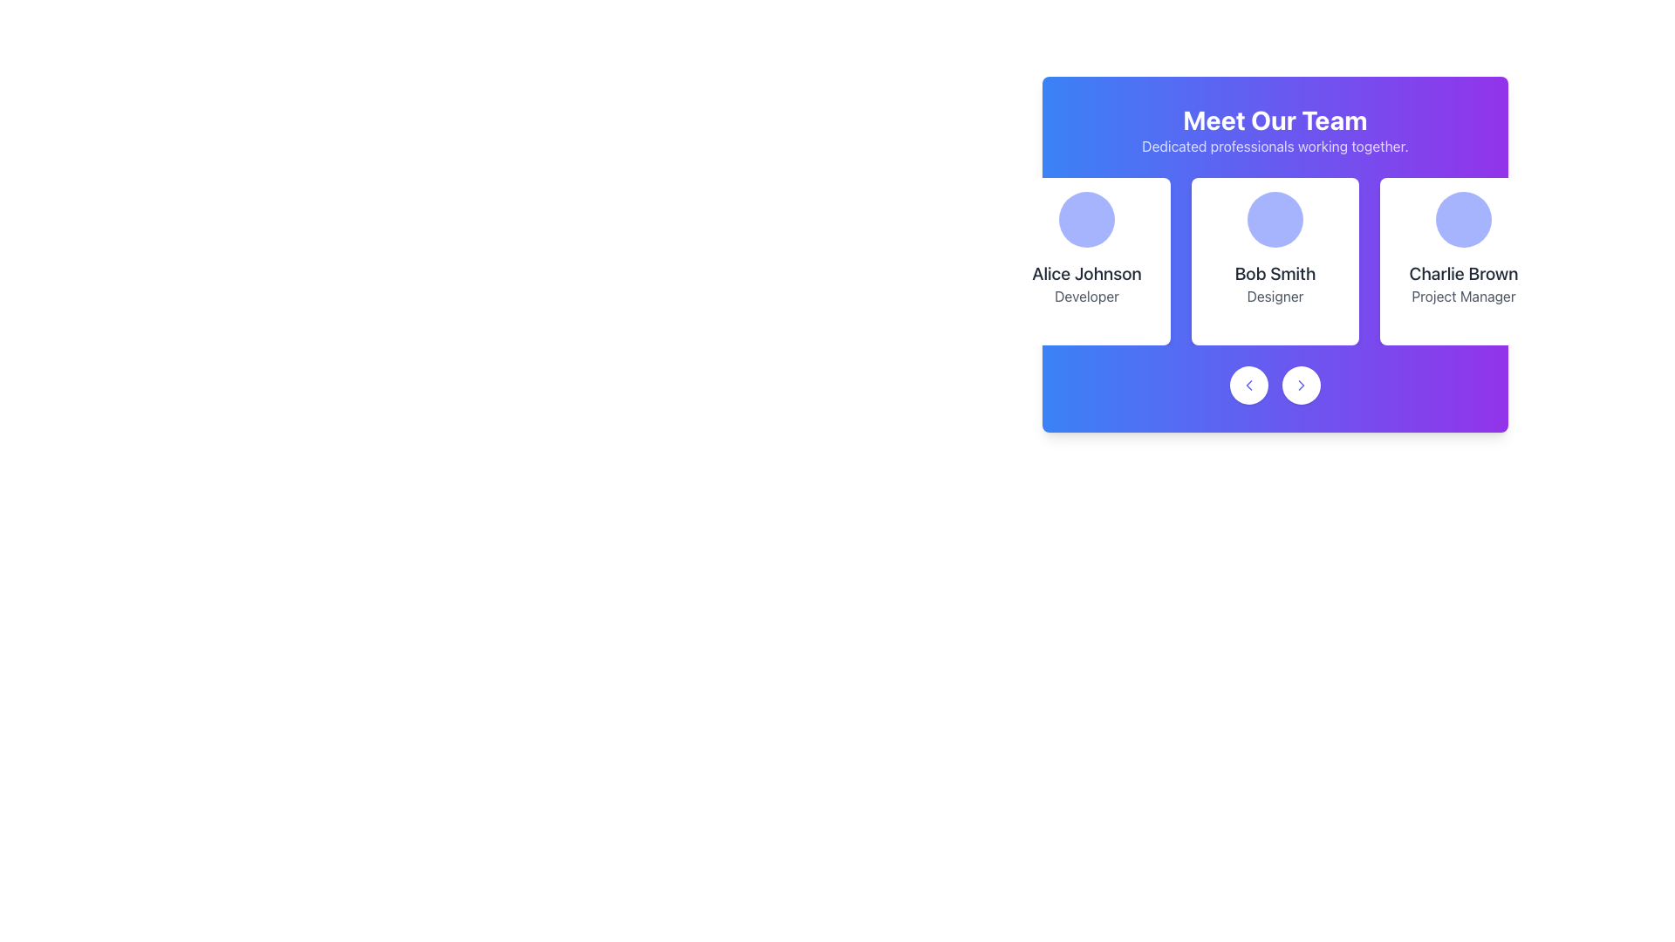 The width and height of the screenshot is (1675, 942). What do you see at coordinates (1275, 273) in the screenshot?
I see `the text label displaying the name of a team member in the middle of the team profile card` at bounding box center [1275, 273].